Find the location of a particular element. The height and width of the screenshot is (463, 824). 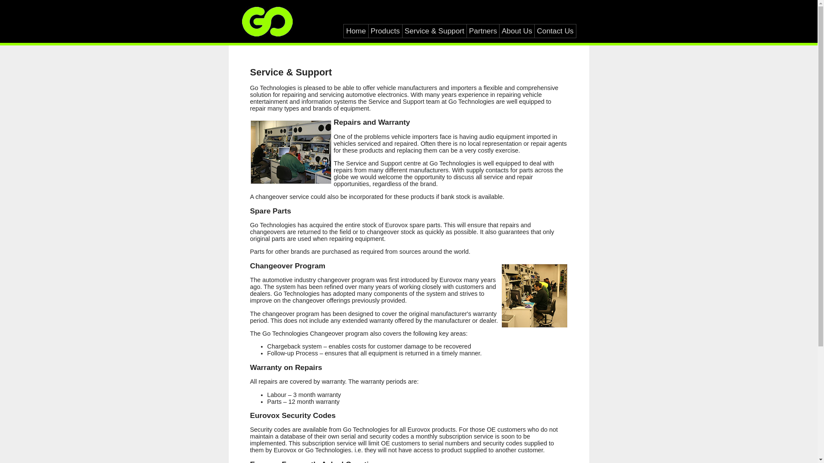

'Products' is located at coordinates (385, 30).